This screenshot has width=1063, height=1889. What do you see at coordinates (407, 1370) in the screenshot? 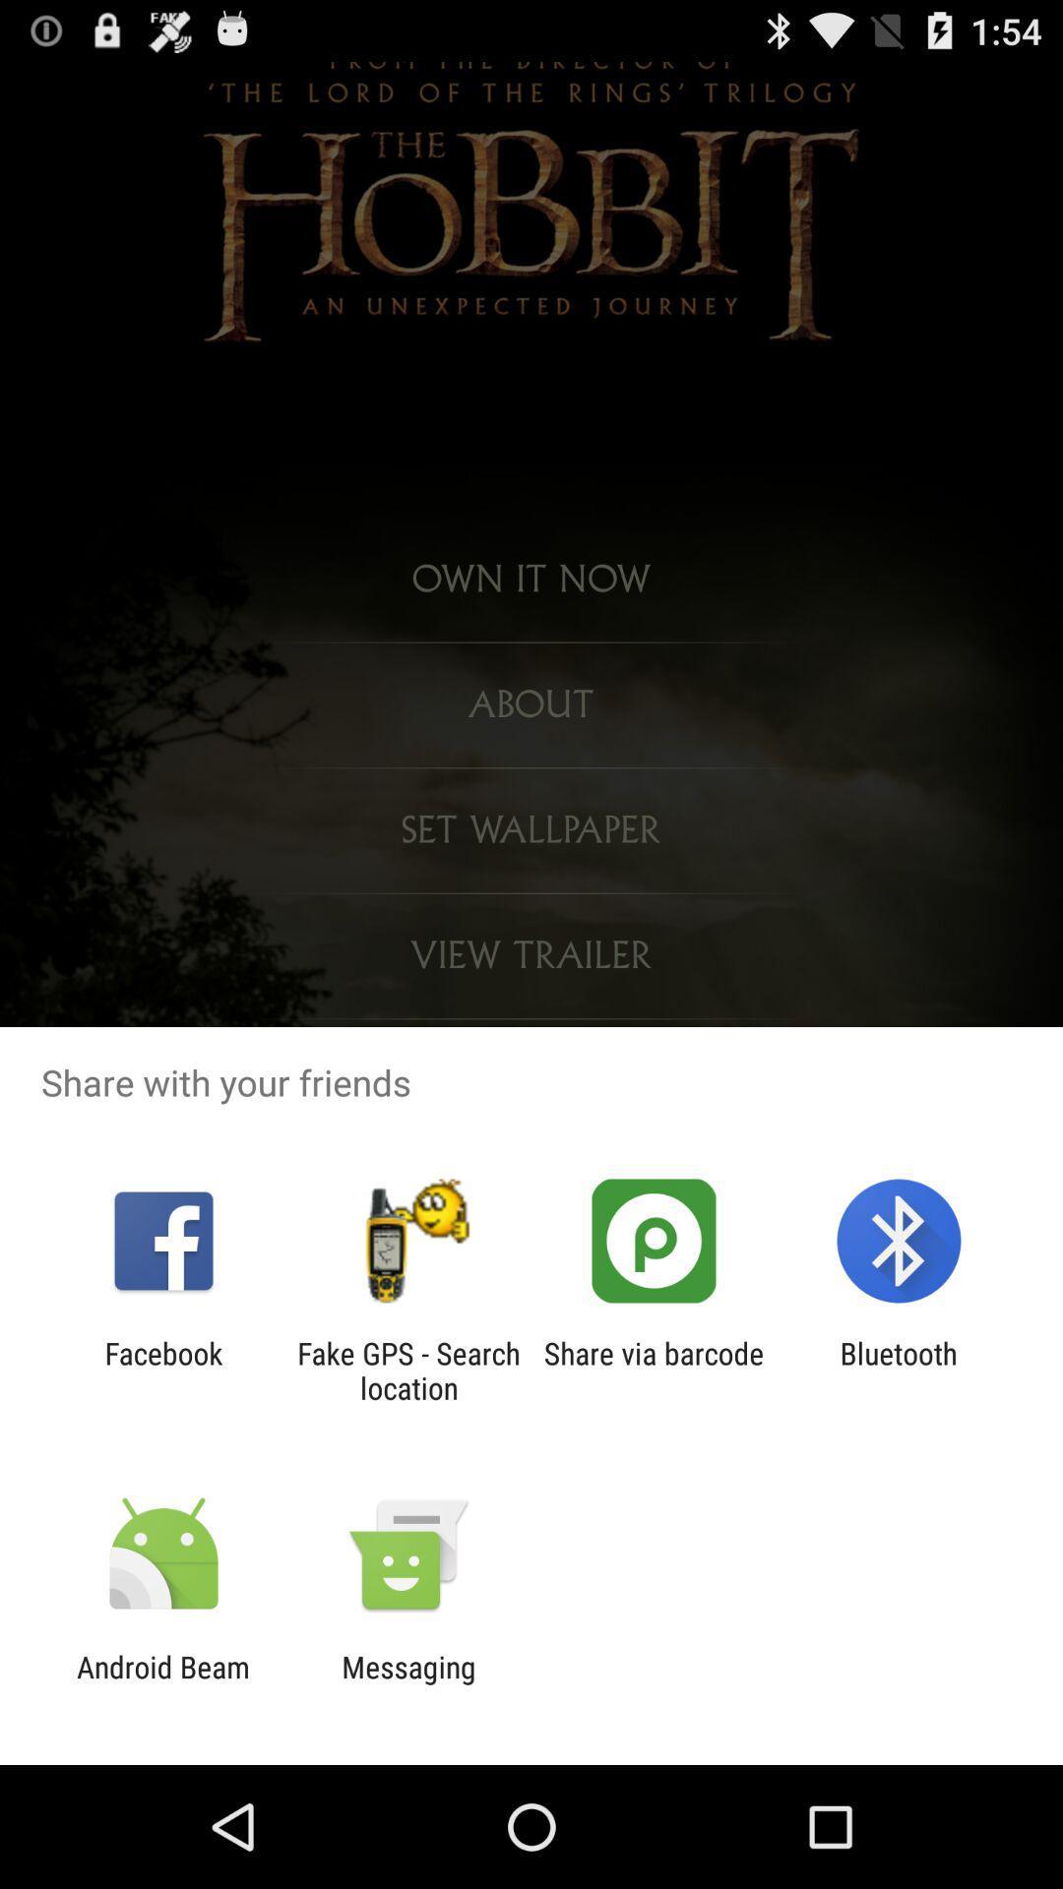
I see `item next to share via barcode` at bounding box center [407, 1370].